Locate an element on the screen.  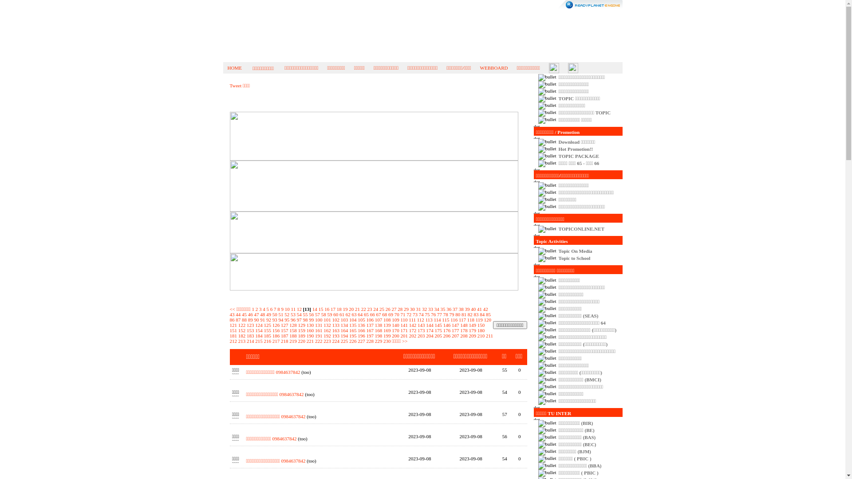
'147' is located at coordinates (455, 325).